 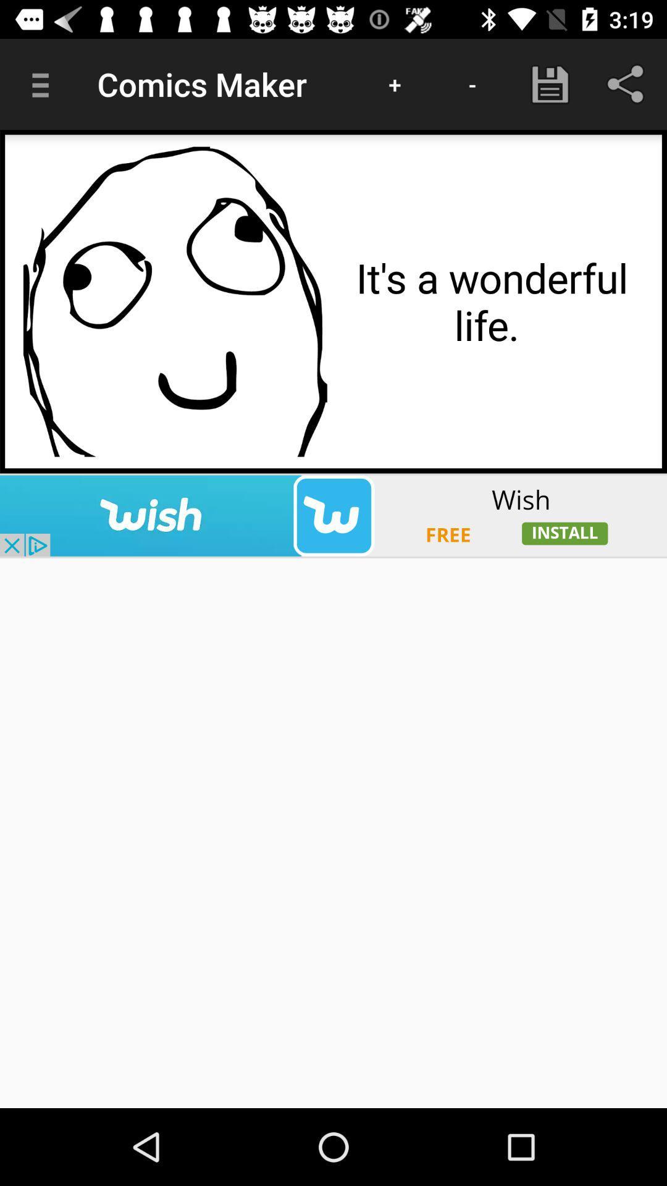 I want to click on picture, so click(x=175, y=301).